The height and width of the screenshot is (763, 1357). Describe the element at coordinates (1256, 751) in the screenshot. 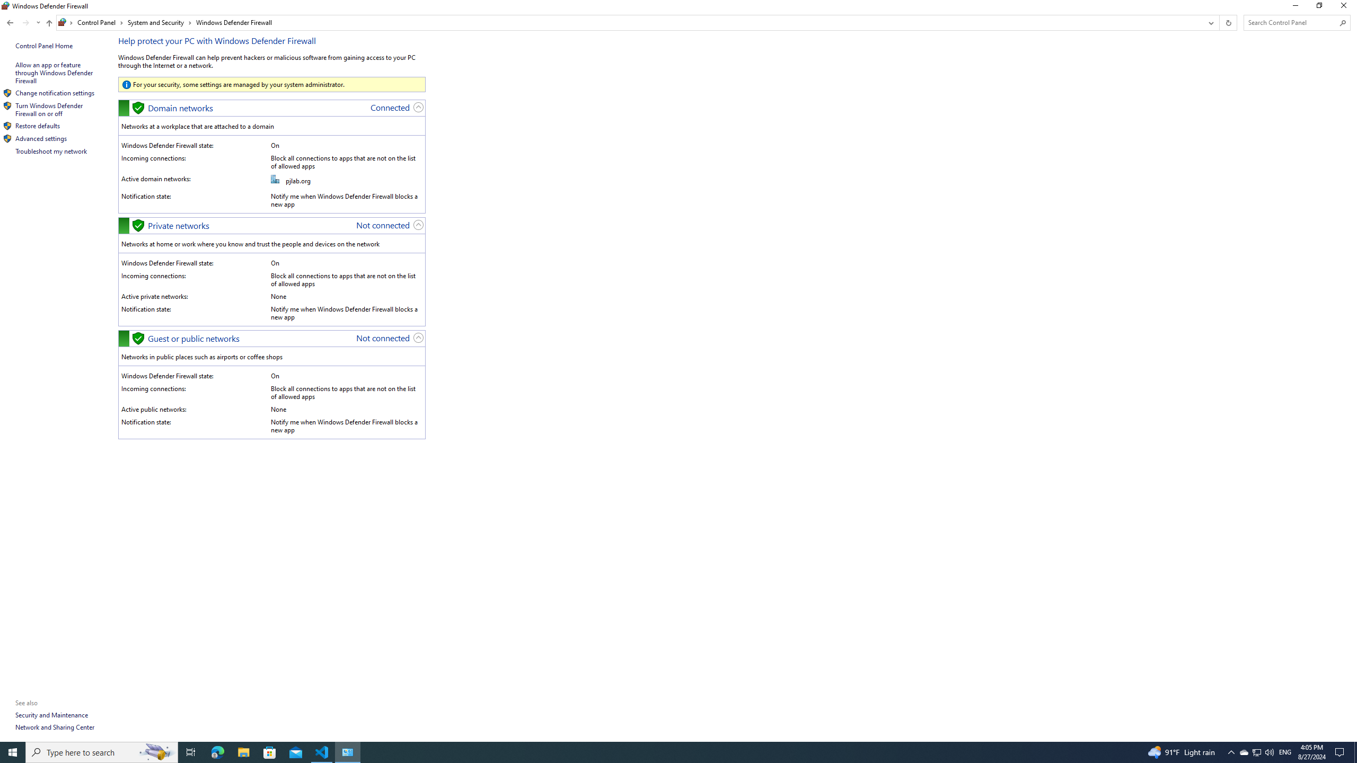

I see `'User Promoted Notification Area'` at that location.